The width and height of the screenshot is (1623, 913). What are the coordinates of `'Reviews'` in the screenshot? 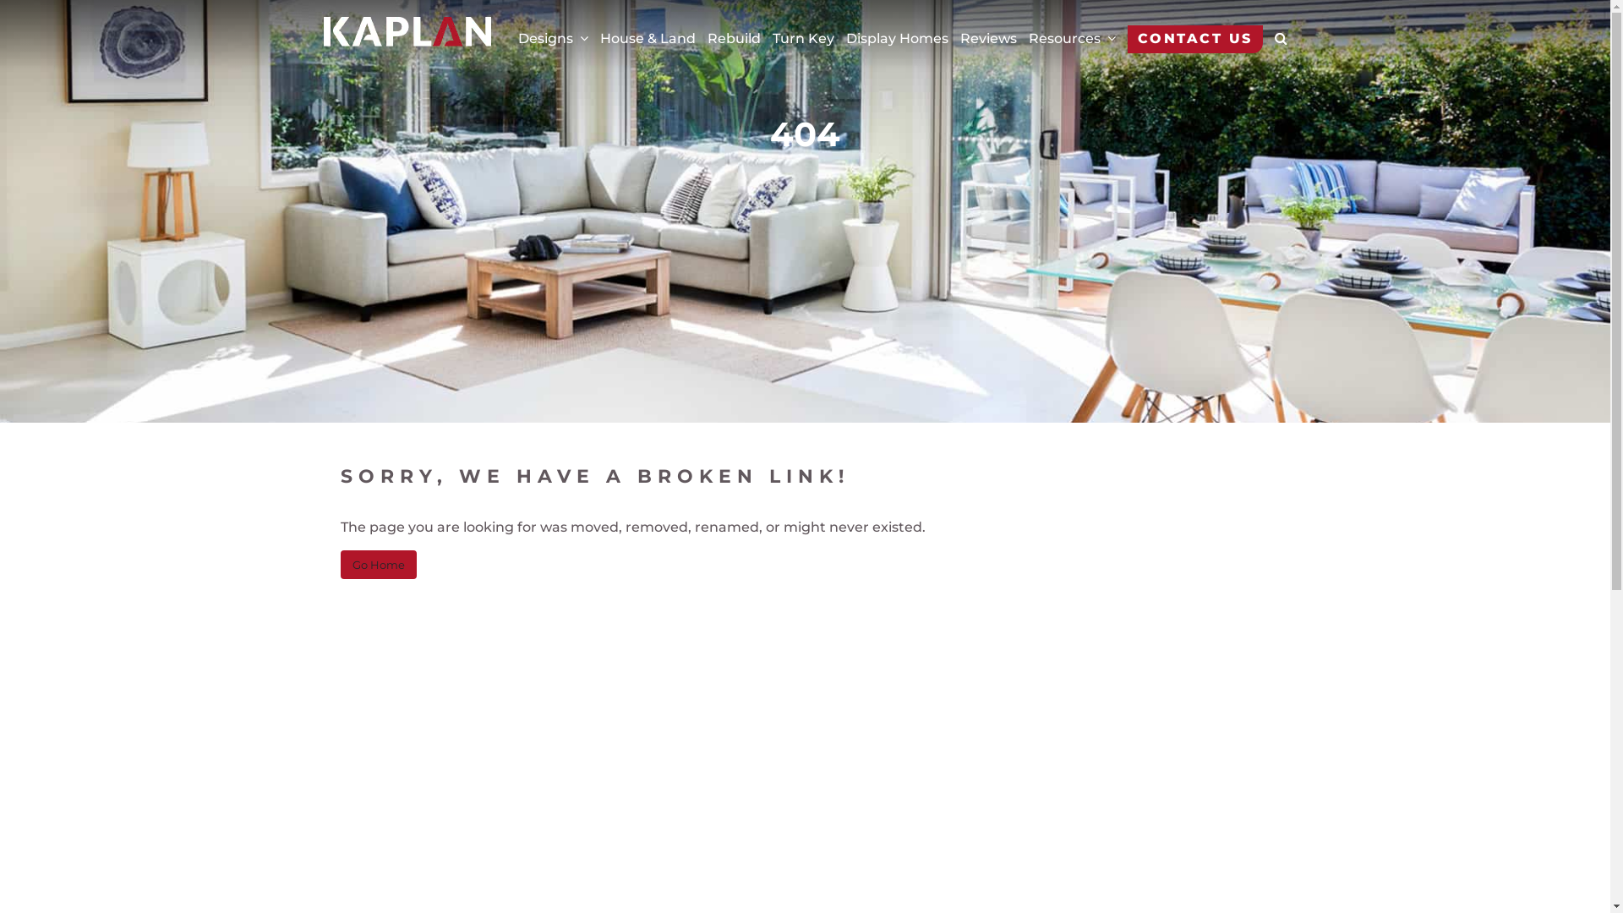 It's located at (988, 38).